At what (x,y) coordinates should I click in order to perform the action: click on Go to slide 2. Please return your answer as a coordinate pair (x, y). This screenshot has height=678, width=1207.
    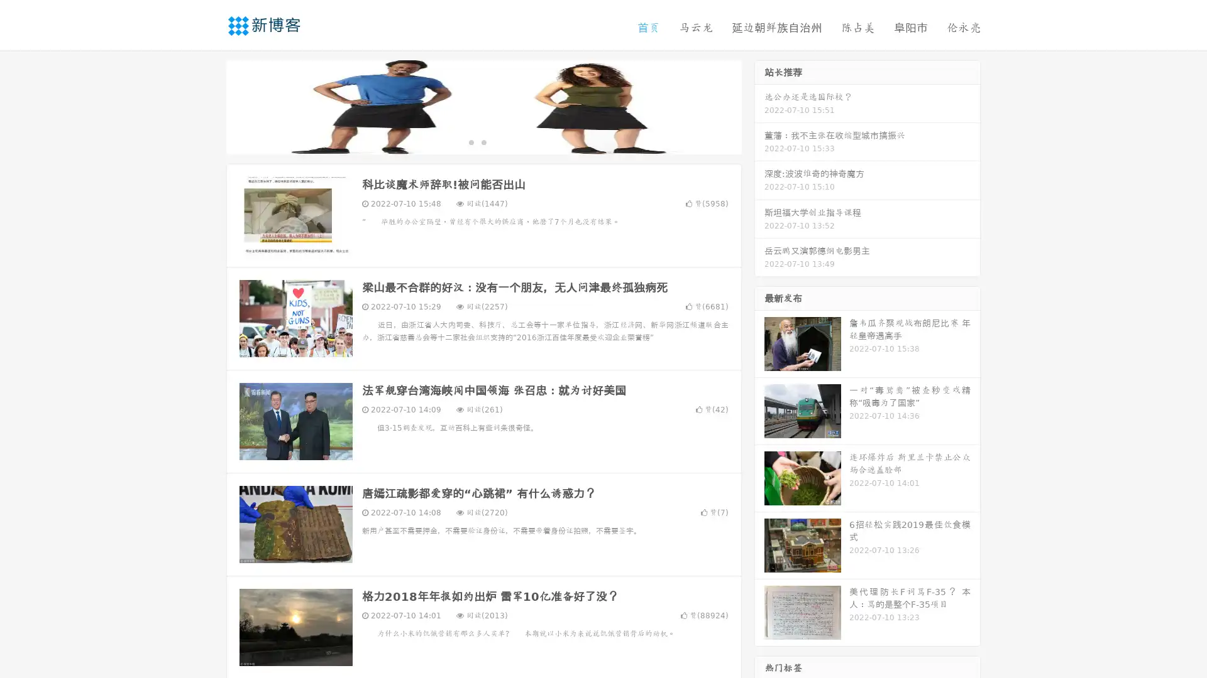
    Looking at the image, I should click on (483, 141).